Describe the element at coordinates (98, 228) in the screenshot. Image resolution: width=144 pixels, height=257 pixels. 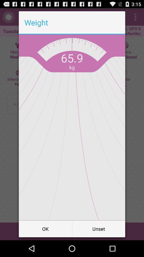
I see `item to the right of the ok` at that location.